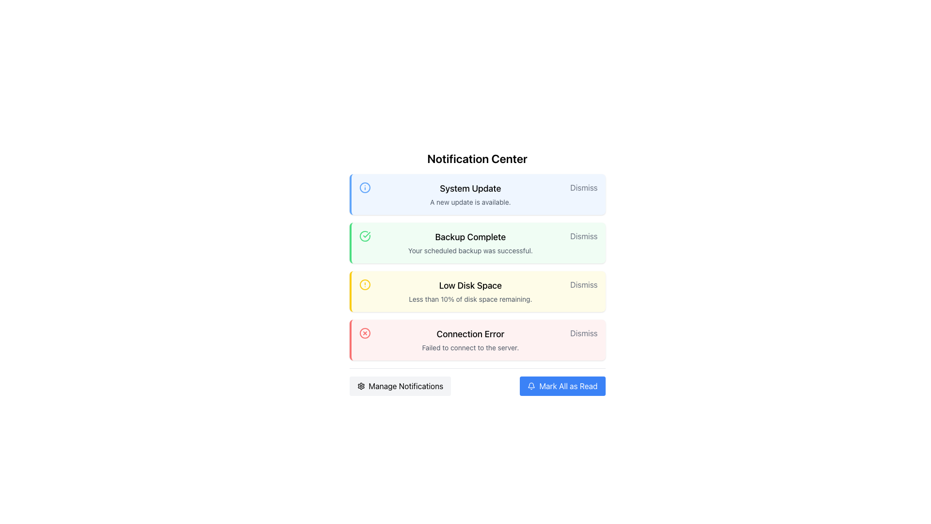 Image resolution: width=931 pixels, height=524 pixels. What do you see at coordinates (470, 285) in the screenshot?
I see `the text label that serves as the title of the 'Low Disk Space' notification in the Notification Center` at bounding box center [470, 285].